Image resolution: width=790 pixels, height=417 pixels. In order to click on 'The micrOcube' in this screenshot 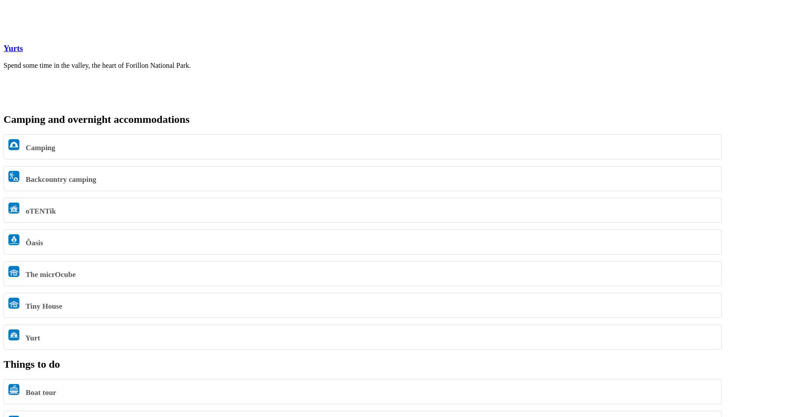, I will do `click(23, 274)`.